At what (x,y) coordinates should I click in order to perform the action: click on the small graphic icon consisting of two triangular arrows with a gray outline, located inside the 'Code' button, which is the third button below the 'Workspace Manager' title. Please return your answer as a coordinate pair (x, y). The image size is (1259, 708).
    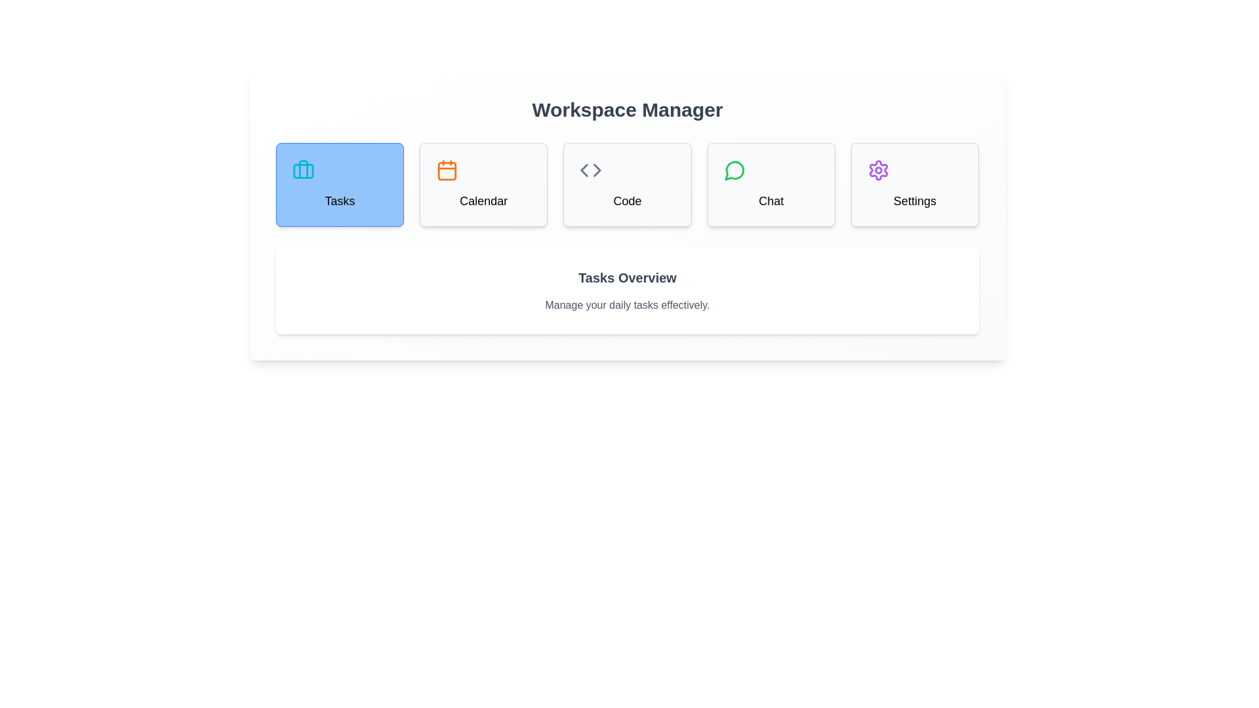
    Looking at the image, I should click on (590, 169).